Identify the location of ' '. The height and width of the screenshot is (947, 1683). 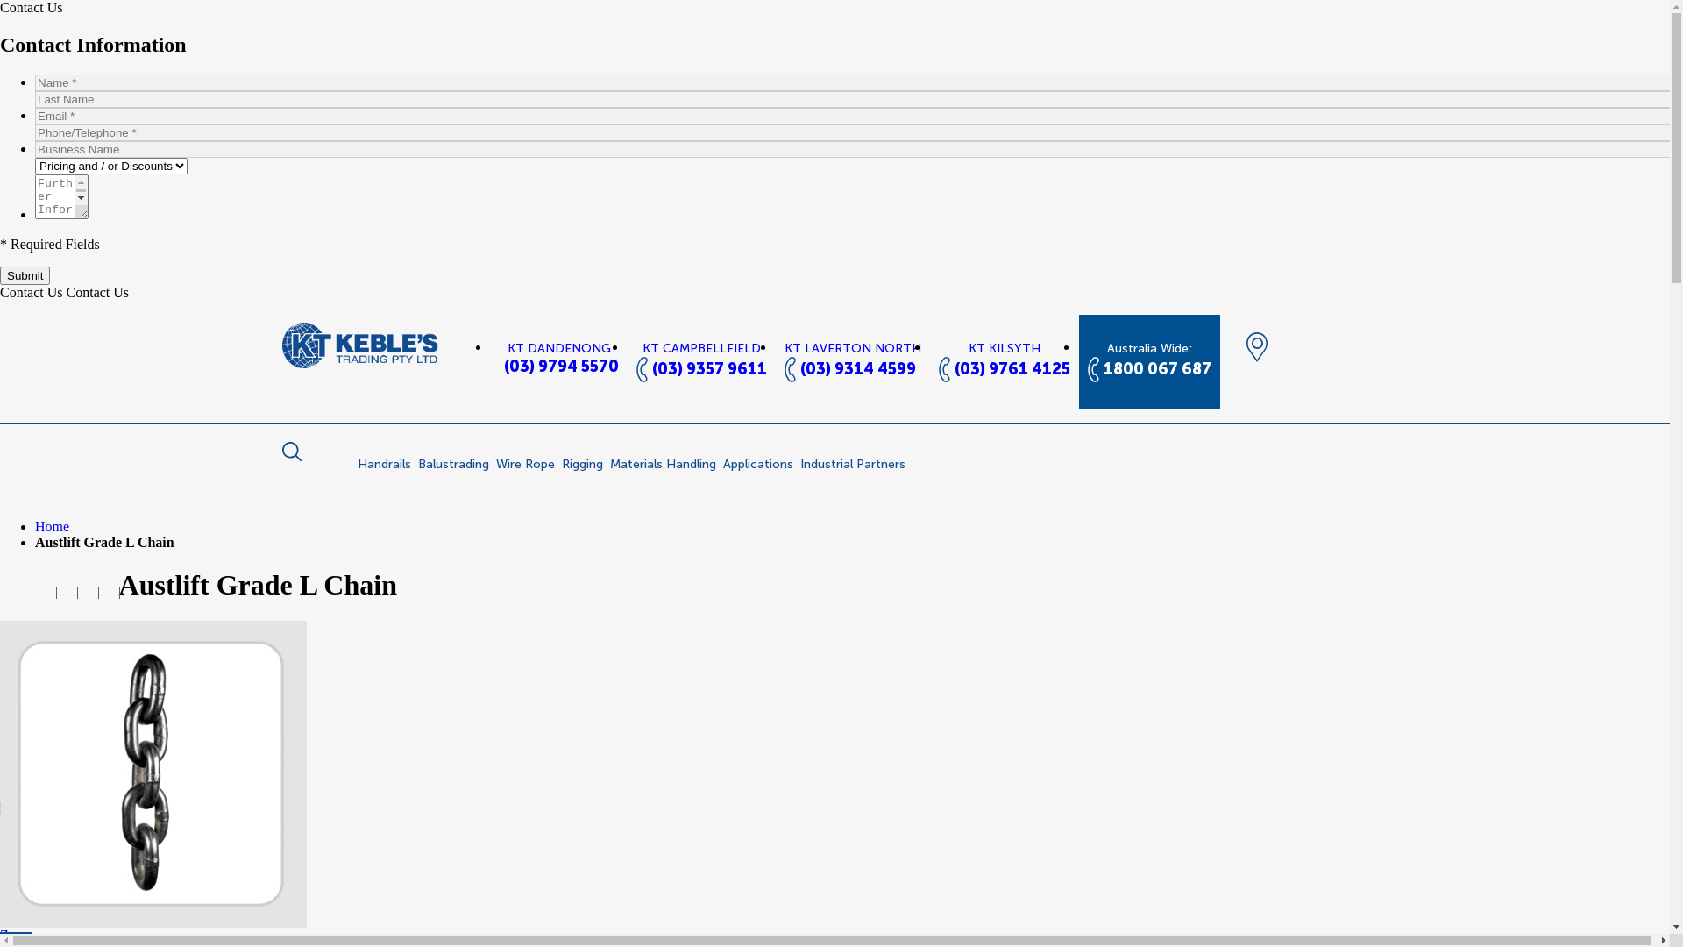
(67, 591).